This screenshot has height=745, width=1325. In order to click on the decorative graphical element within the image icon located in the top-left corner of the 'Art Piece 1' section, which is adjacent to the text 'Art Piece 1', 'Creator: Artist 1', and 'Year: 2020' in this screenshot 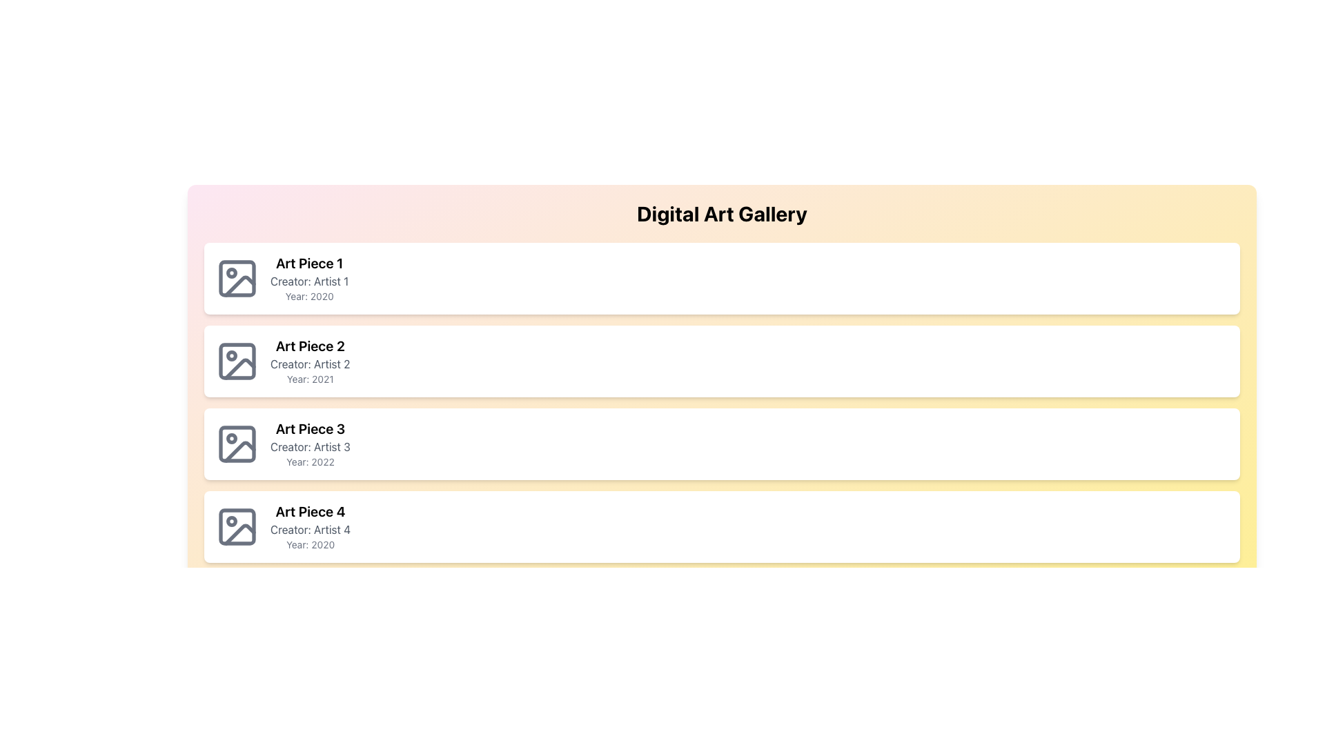, I will do `click(237, 279)`.